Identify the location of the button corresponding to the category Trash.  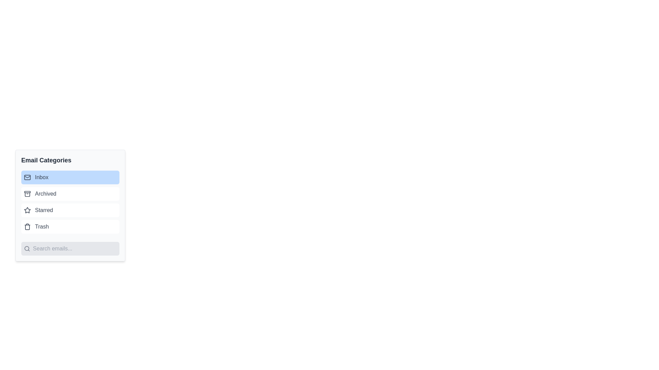
(70, 227).